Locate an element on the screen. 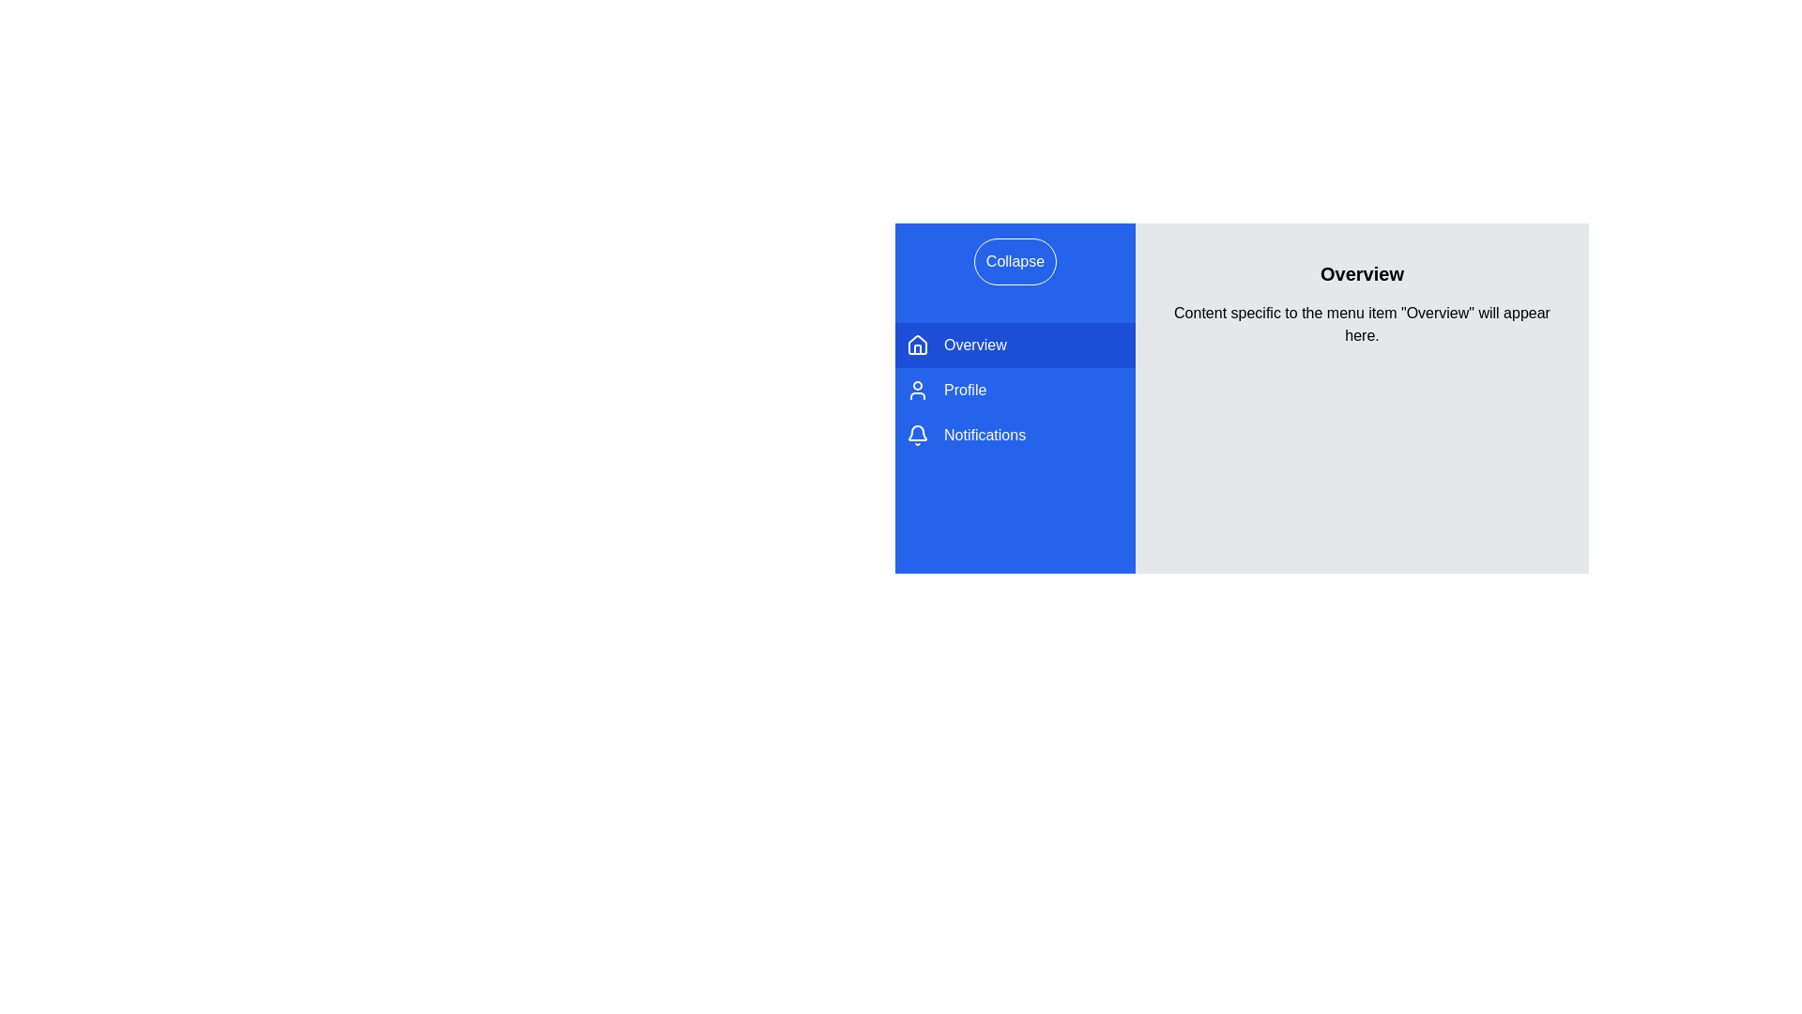  the SVG icon depicting a user silhouette located within the 'Profile' menu item, which is the second item in the vertical list of navigation elements on the left sidebar is located at coordinates (918, 390).